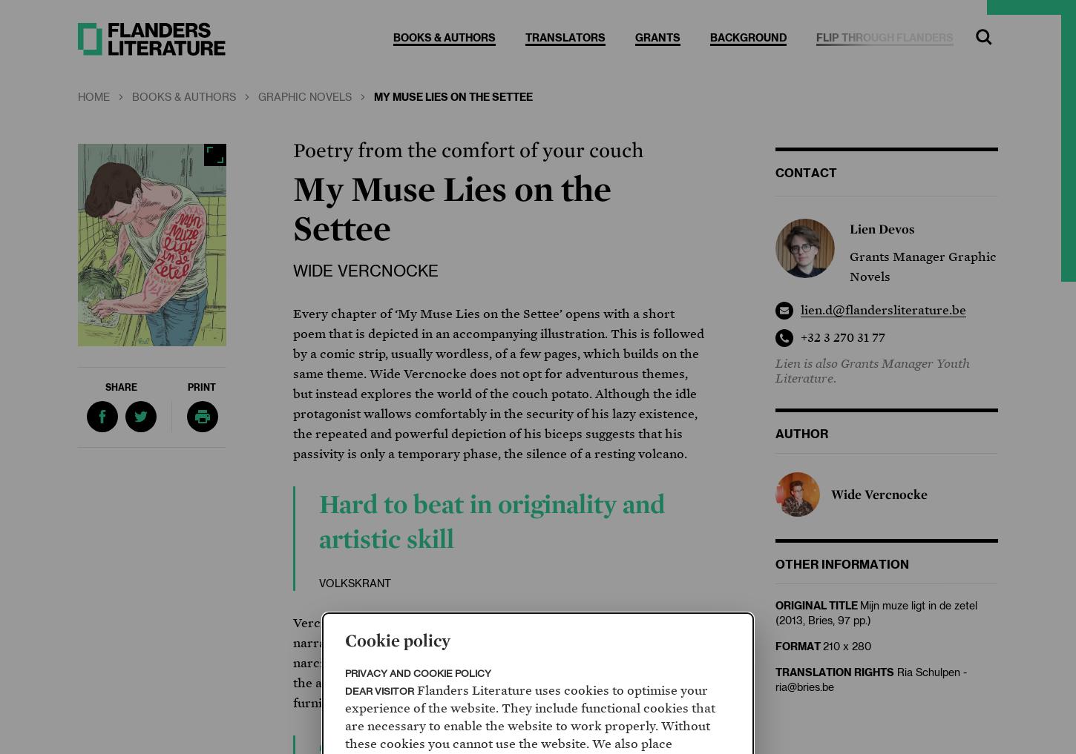 This screenshot has width=1076, height=754. I want to click on '+32 3 270 31 77', so click(842, 336).